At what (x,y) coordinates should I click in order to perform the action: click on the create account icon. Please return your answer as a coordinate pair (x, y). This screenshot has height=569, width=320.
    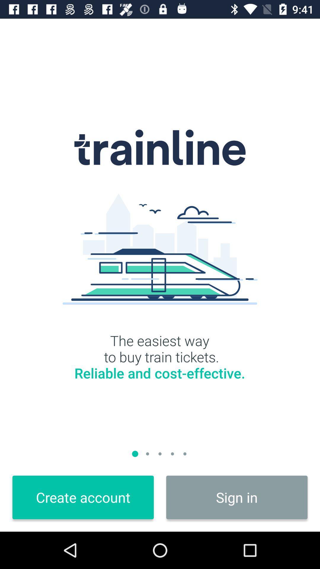
    Looking at the image, I should click on (83, 497).